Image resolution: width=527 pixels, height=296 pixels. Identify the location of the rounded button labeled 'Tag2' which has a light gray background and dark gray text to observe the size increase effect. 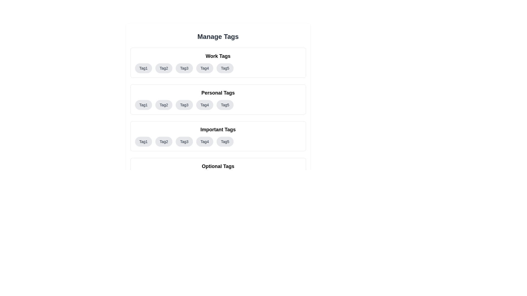
(164, 68).